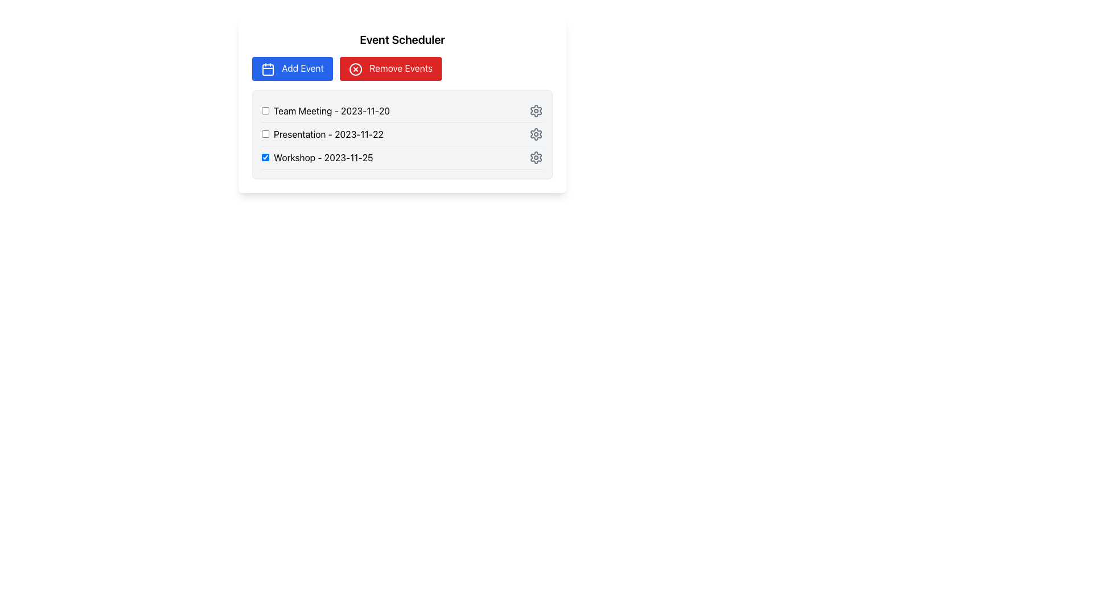 The height and width of the screenshot is (615, 1093). I want to click on the checkbox aligned to the left of the text 'Workshop - 2023-11-25', so click(265, 157).